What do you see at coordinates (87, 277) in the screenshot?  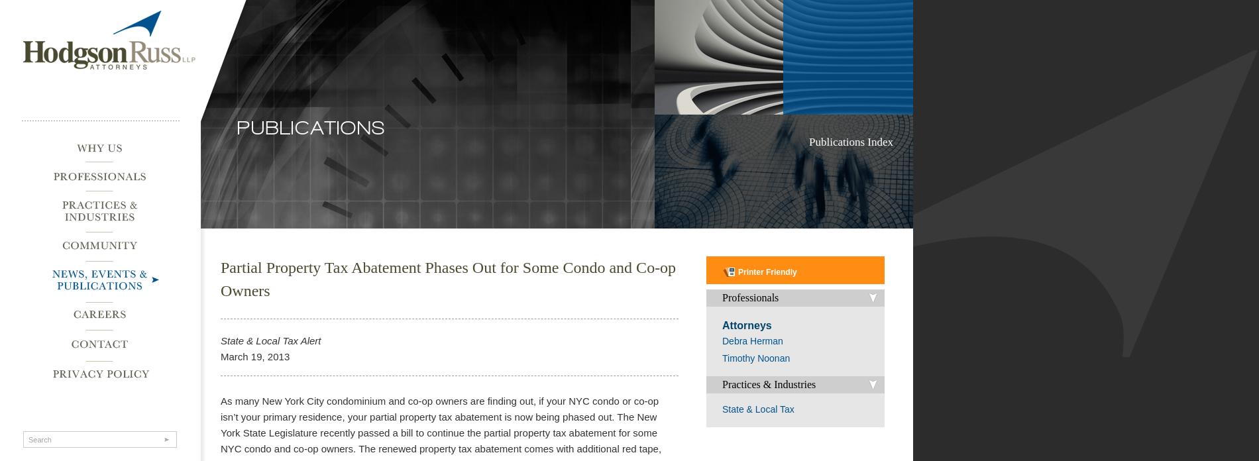 I see `'News, Events & Publications'` at bounding box center [87, 277].